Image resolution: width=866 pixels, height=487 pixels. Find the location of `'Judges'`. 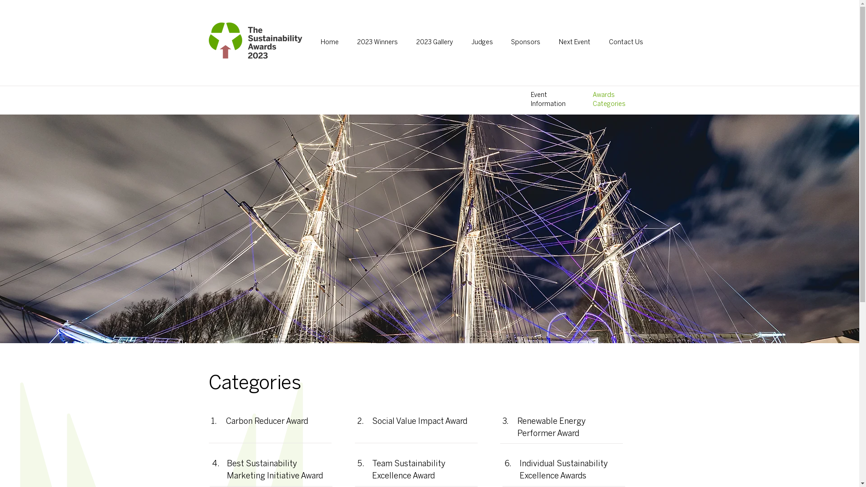

'Judges' is located at coordinates (463, 43).